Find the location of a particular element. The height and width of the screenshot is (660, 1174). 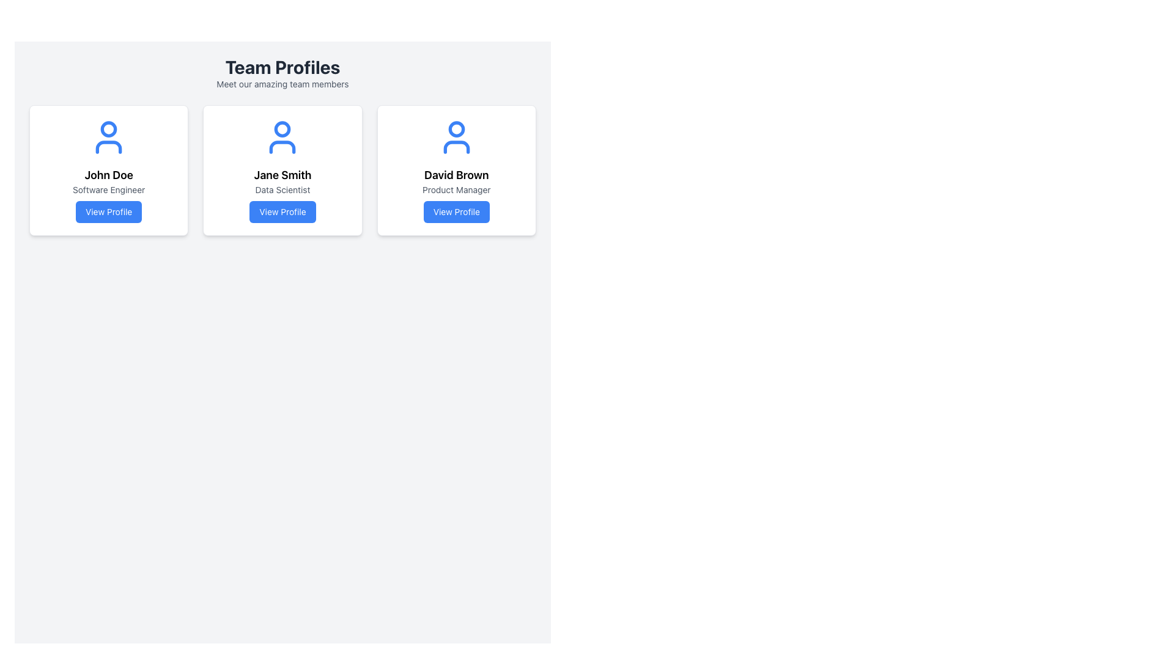

the heading block titled 'Team Profiles' which consists of two lines of text, prominently featuring 'Team Profiles' in bold and 'Meet our amazing team members' as a subtitle is located at coordinates (282, 73).